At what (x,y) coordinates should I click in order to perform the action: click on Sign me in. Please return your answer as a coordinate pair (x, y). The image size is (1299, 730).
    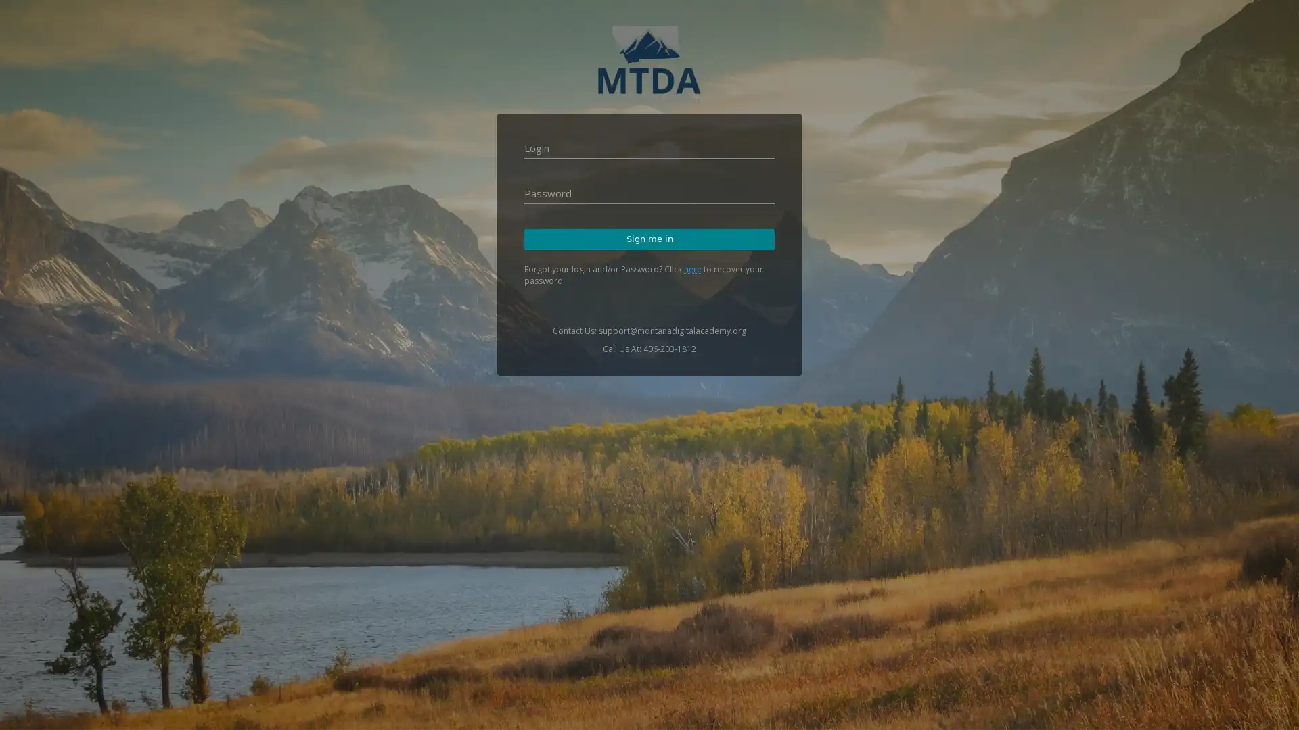
    Looking at the image, I should click on (649, 239).